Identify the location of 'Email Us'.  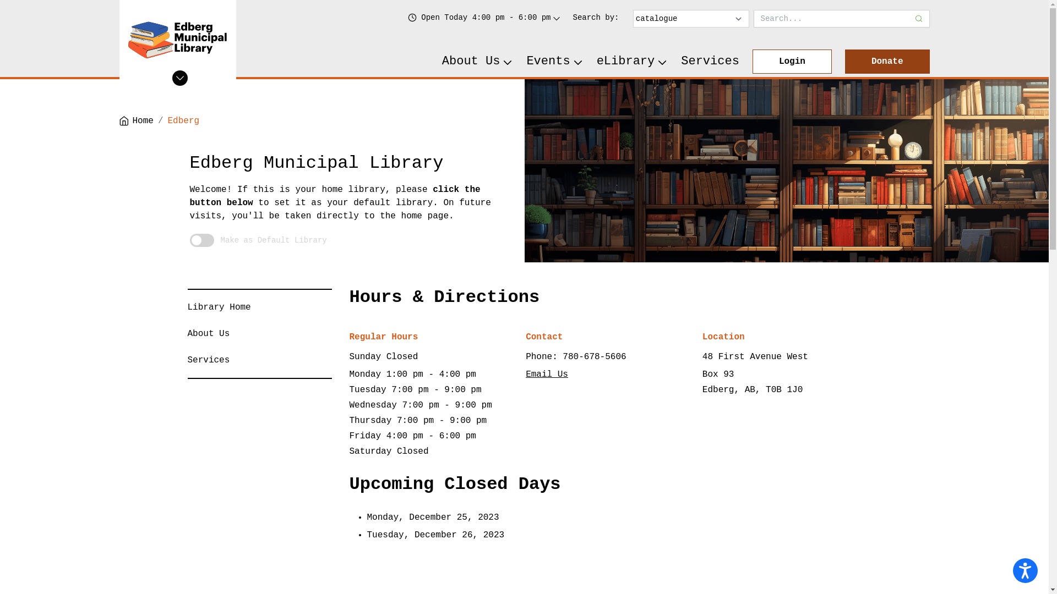
(547, 374).